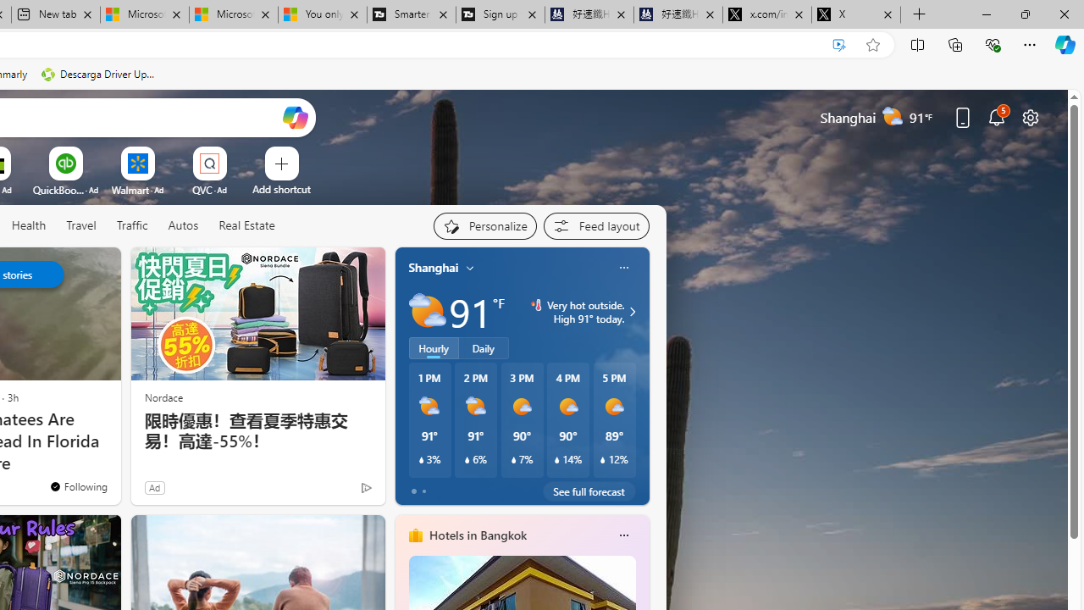 This screenshot has height=610, width=1084. What do you see at coordinates (434, 347) in the screenshot?
I see `'Hourly'` at bounding box center [434, 347].